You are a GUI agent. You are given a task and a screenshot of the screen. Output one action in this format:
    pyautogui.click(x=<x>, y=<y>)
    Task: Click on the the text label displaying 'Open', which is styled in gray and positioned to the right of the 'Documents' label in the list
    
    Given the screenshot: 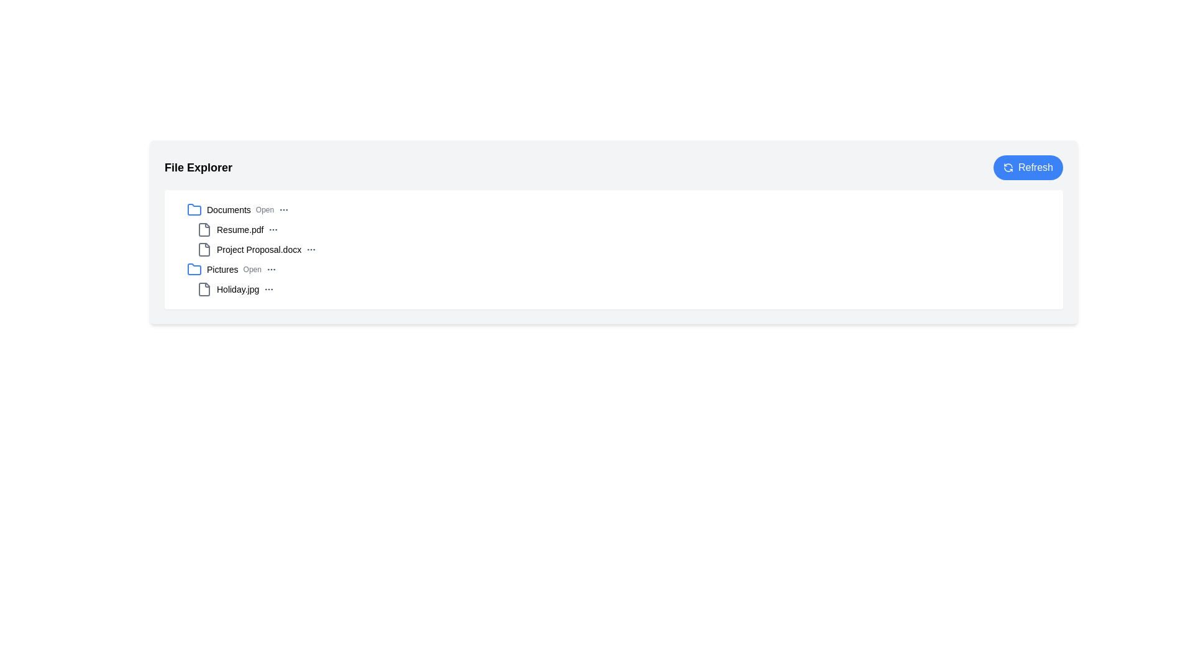 What is the action you would take?
    pyautogui.click(x=264, y=209)
    